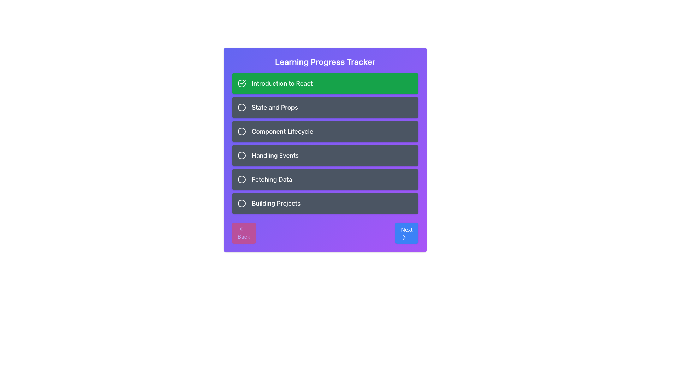  Describe the element at coordinates (325, 155) in the screenshot. I see `the fourth menu option` at that location.